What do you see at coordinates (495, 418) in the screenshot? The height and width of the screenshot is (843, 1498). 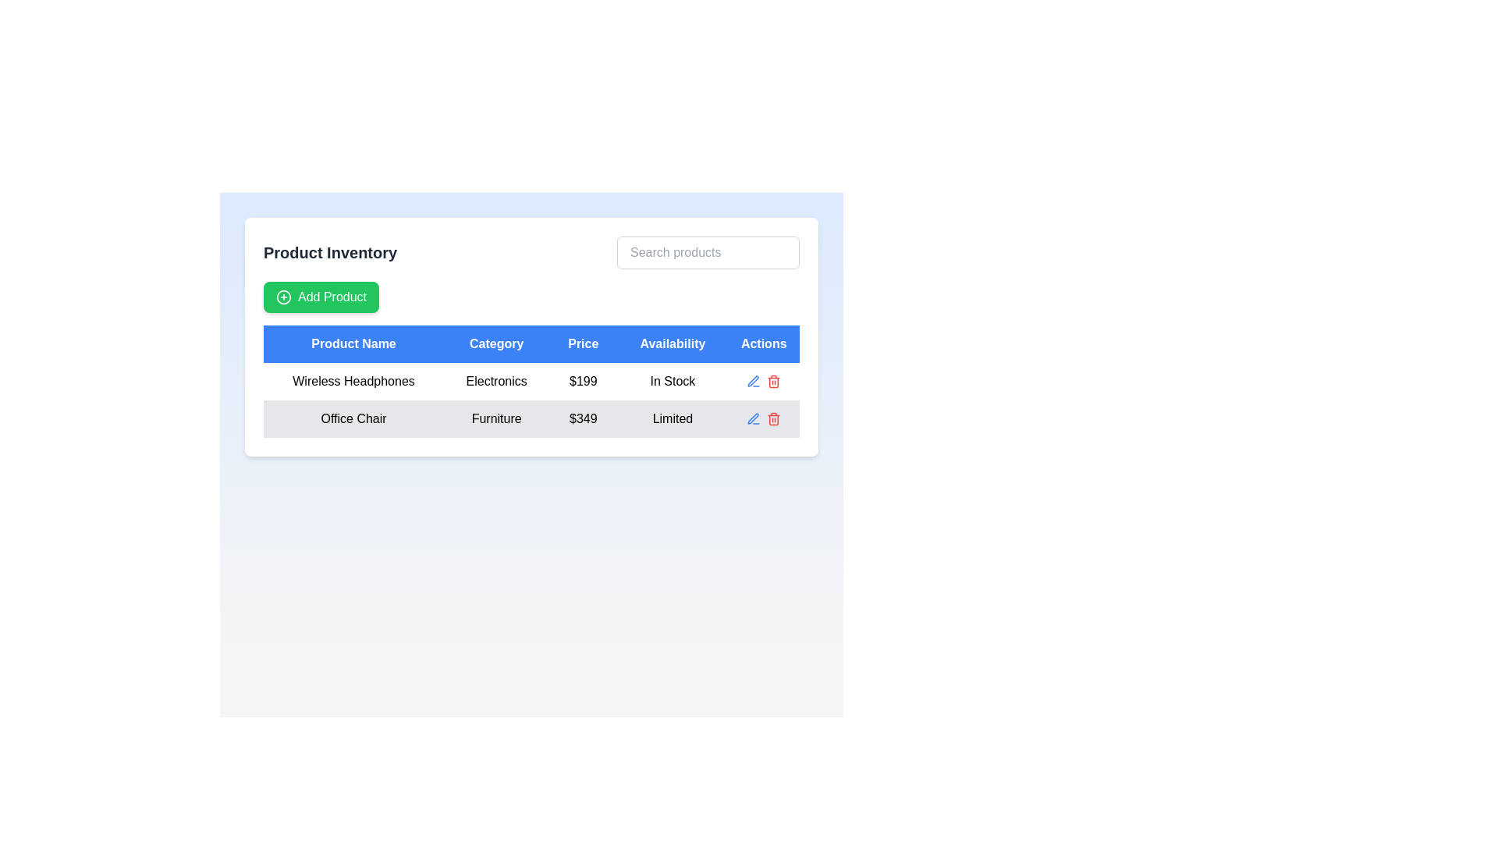 I see `the category label for the 'Office Chair' product in the second column of the second row of the inventory table` at bounding box center [495, 418].